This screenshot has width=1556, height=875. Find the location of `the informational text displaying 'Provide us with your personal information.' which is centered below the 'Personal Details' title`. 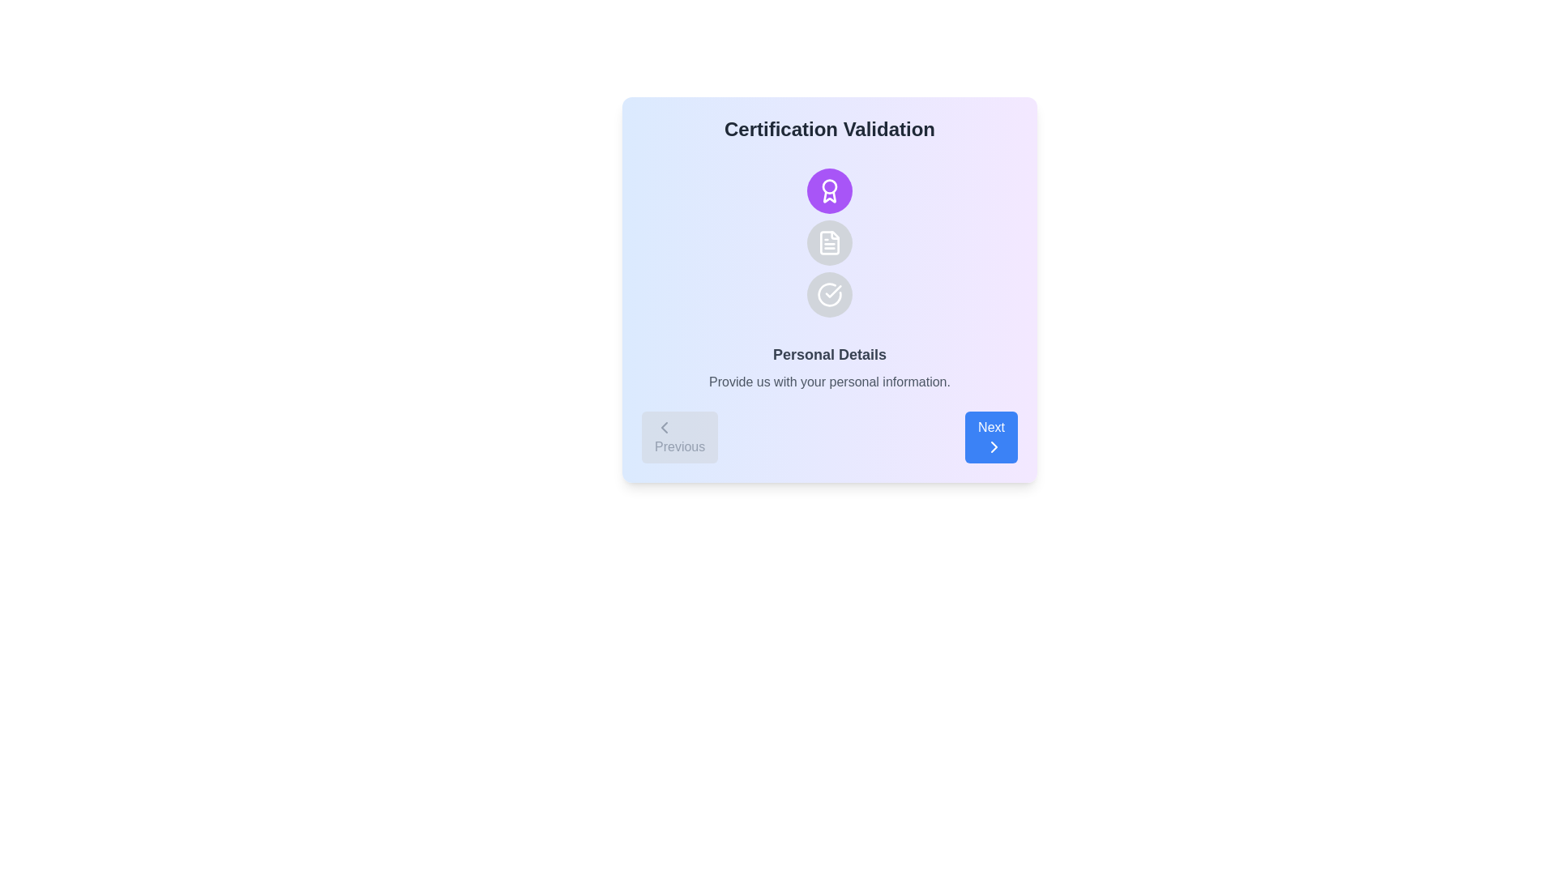

the informational text displaying 'Provide us with your personal information.' which is centered below the 'Personal Details' title is located at coordinates (829, 382).